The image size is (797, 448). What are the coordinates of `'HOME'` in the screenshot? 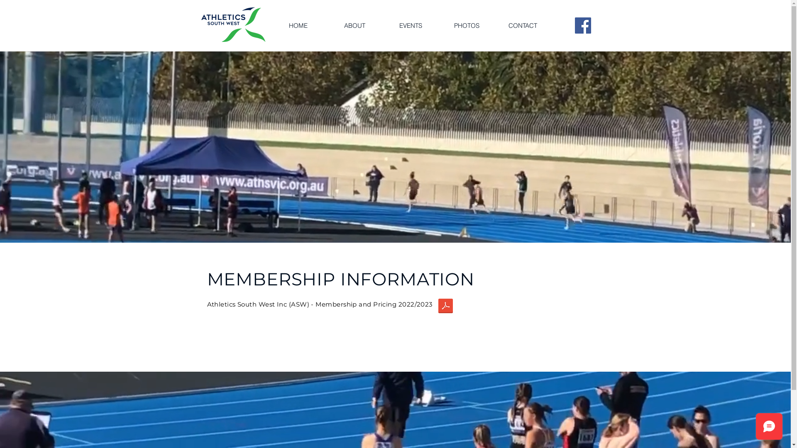 It's located at (298, 25).